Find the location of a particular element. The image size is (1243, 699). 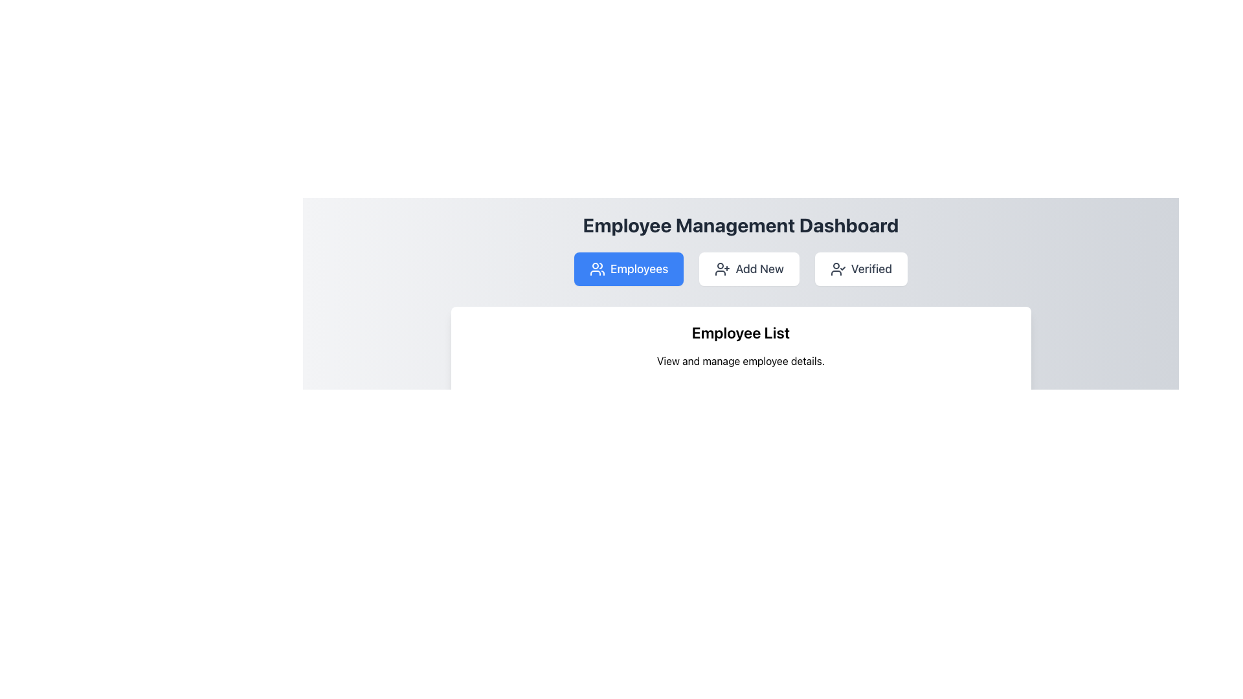

the 'Verified' button, which has a user icon and checkmark, styled with a white background and gray text, located in the Employee Management Dashboard is located at coordinates (860, 269).